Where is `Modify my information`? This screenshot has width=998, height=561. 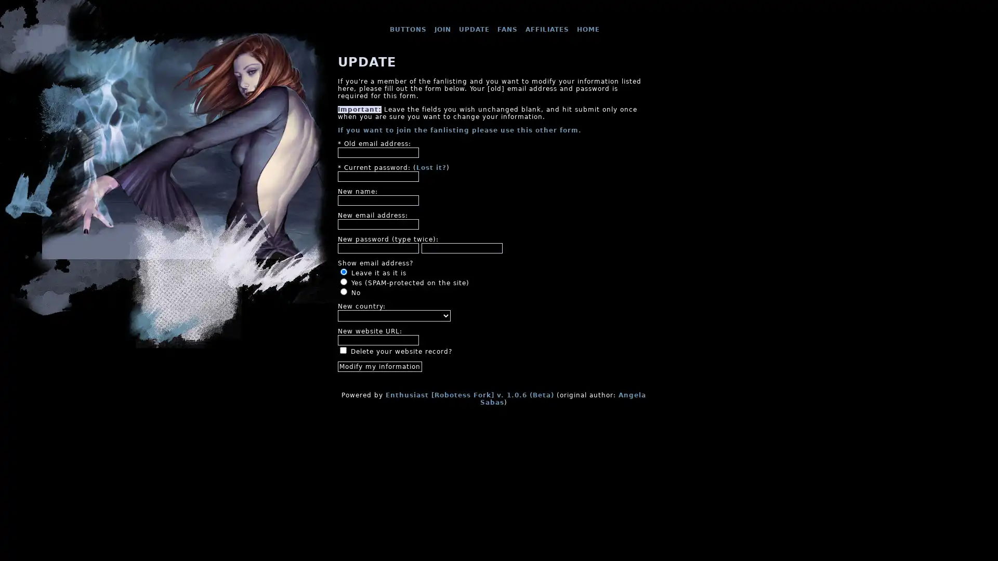 Modify my information is located at coordinates (379, 366).